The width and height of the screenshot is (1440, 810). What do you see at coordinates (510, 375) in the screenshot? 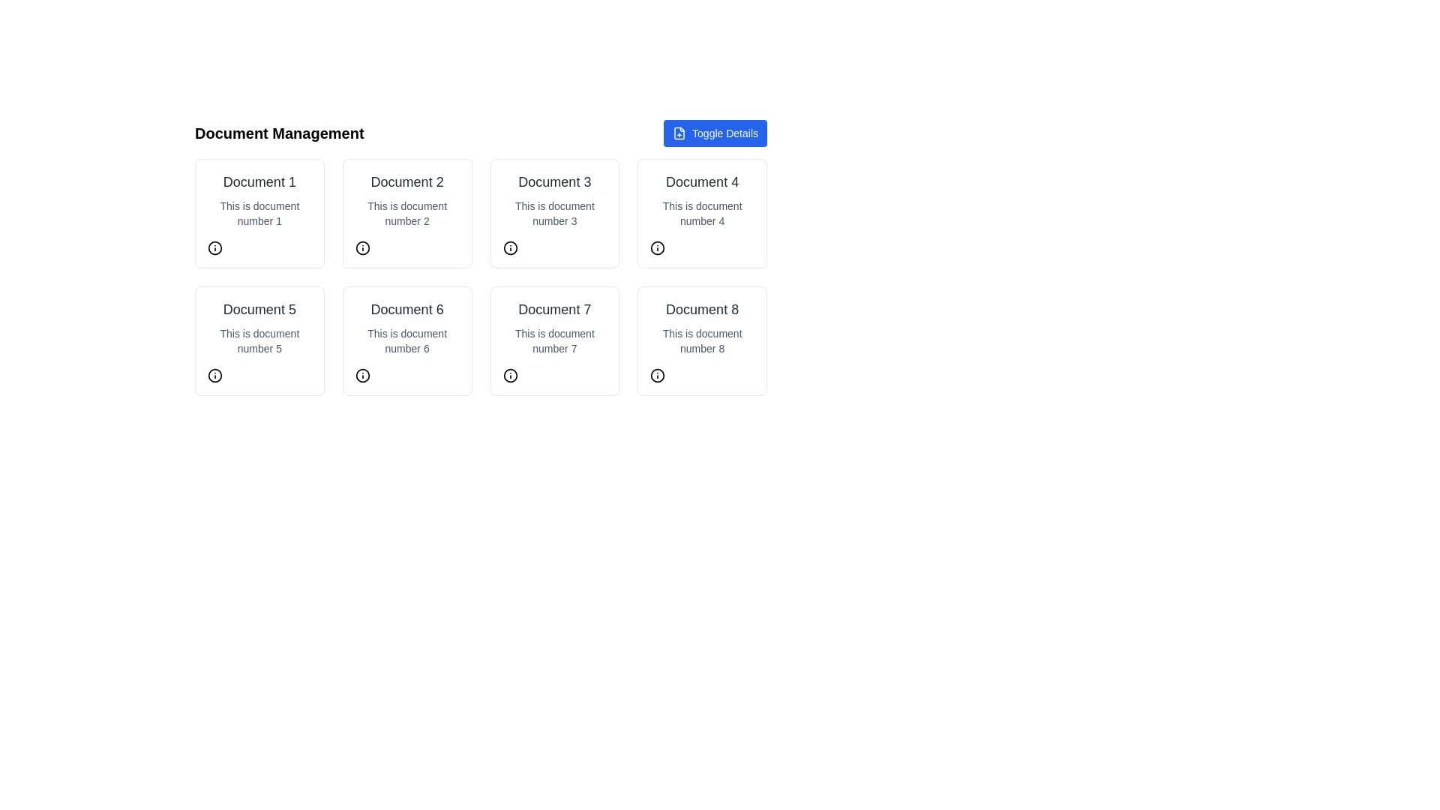
I see `the decorative or functional circle icon located in the seventh card labeled 'Document 7', which is positioned beneath the text 'This is document number 7'` at bounding box center [510, 375].